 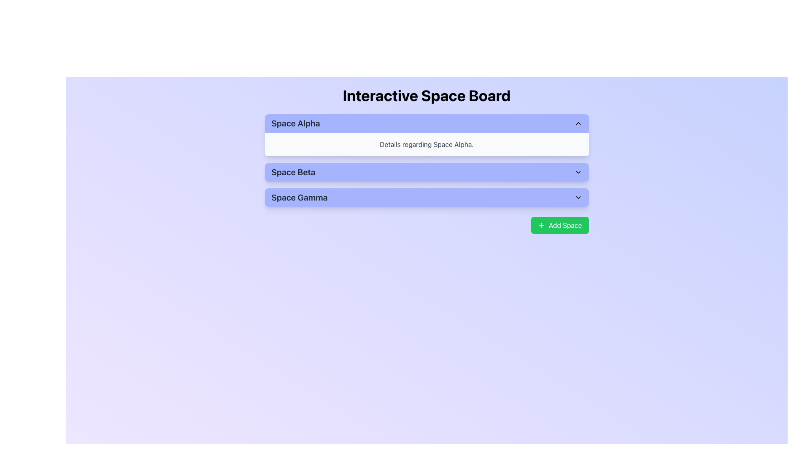 What do you see at coordinates (578, 171) in the screenshot?
I see `the small downward-pointing chevron icon located to the far right of the 'Space Beta' text` at bounding box center [578, 171].